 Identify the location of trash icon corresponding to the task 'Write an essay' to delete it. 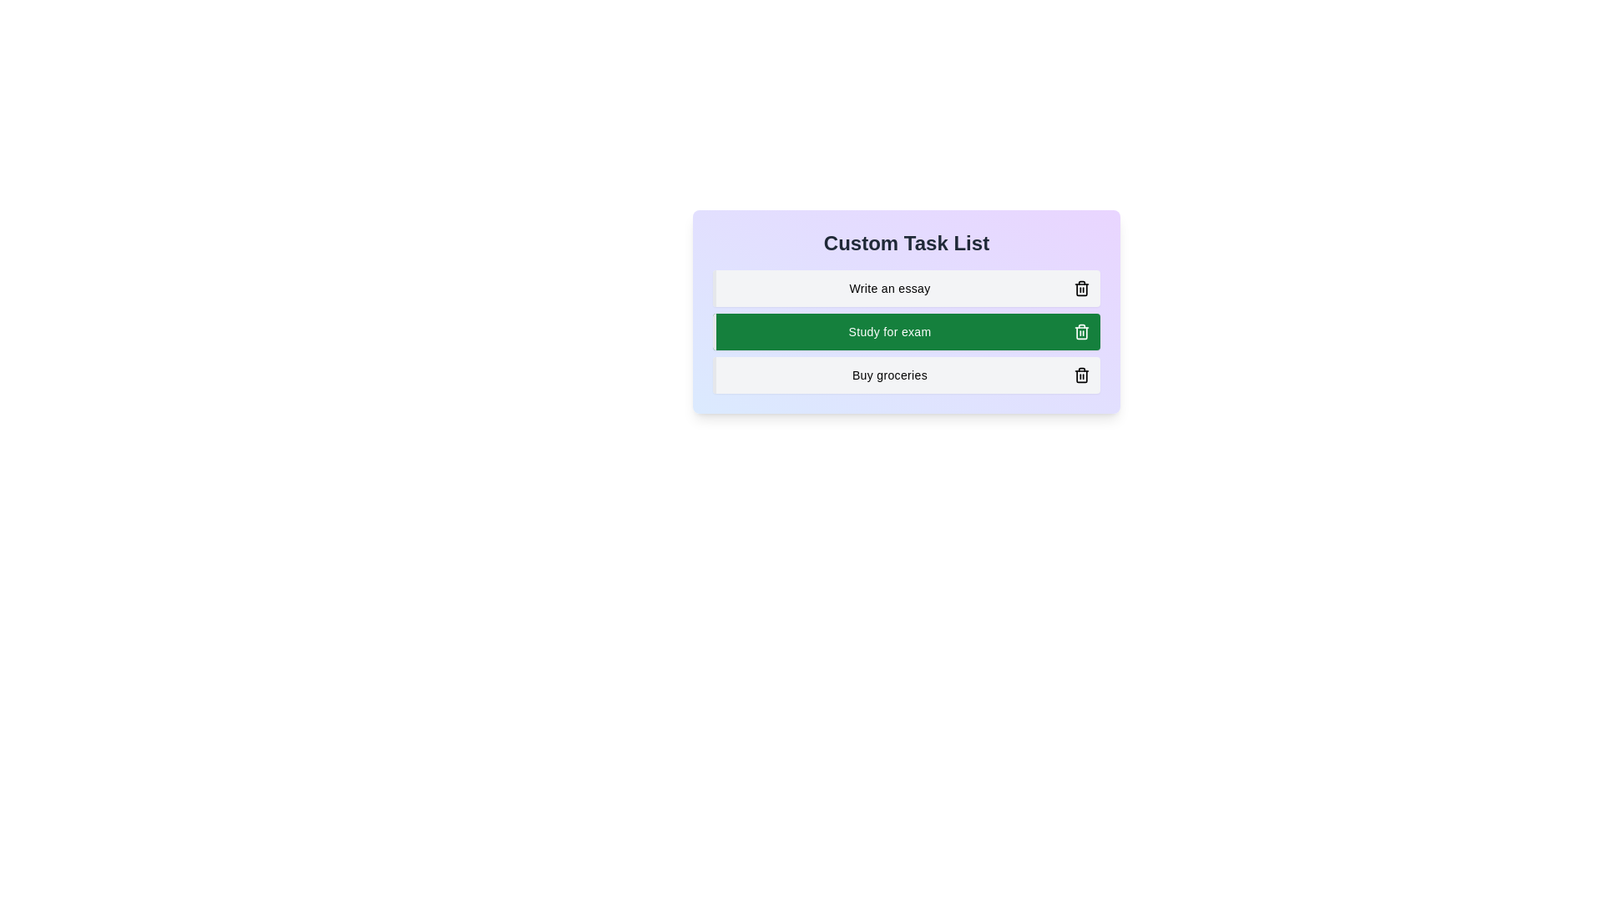
(1082, 288).